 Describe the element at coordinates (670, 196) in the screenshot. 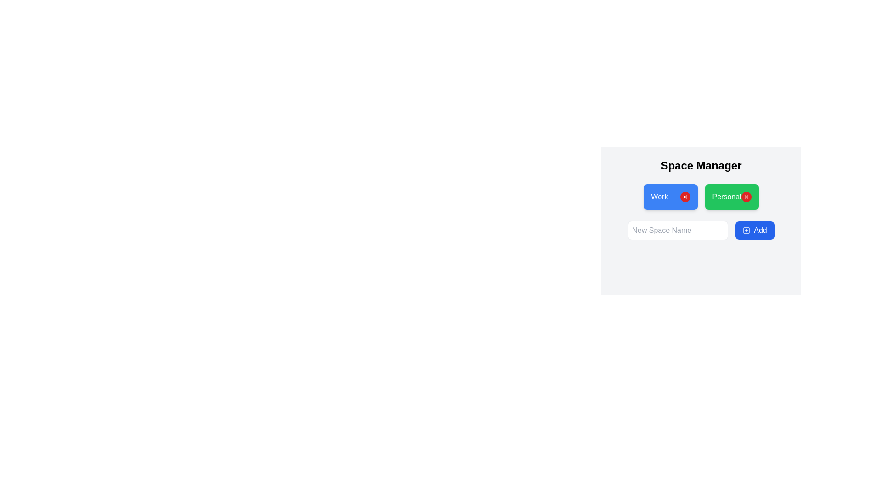

I see `the rectangular blue button labeled 'Work' with a white text and a red circular icon containing a white 'x' symbol on its right side` at that location.